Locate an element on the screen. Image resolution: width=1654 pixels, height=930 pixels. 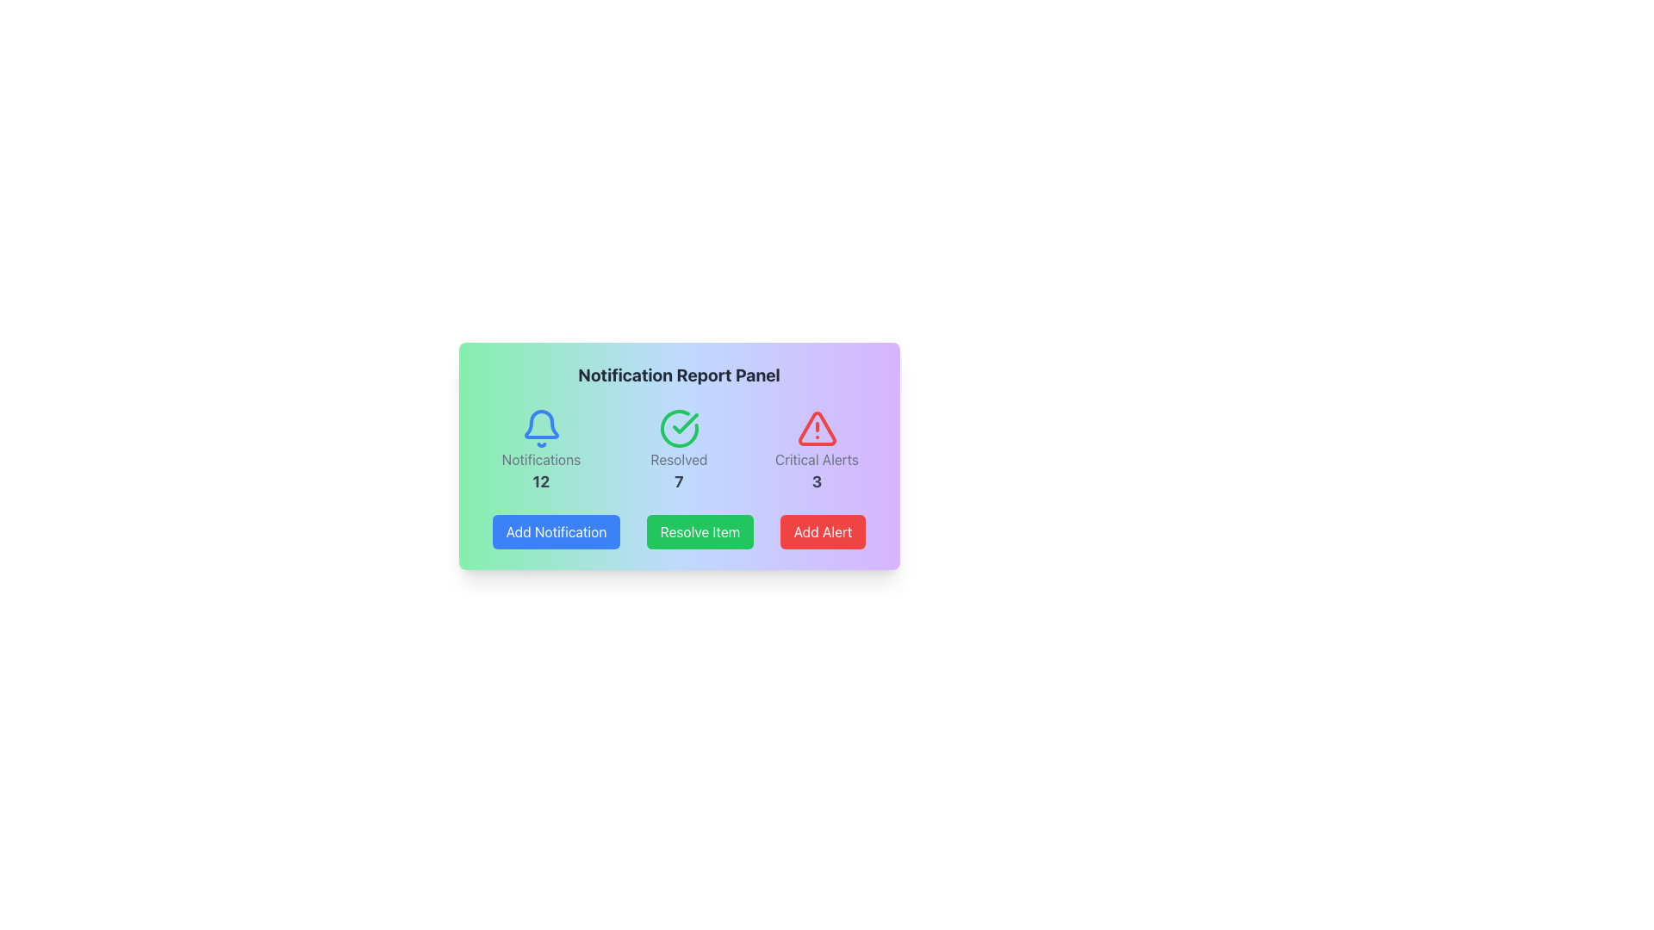
bell icon located in the Notifications section, which serves as a visual indicator for notifications, to view further details is located at coordinates (540, 425).